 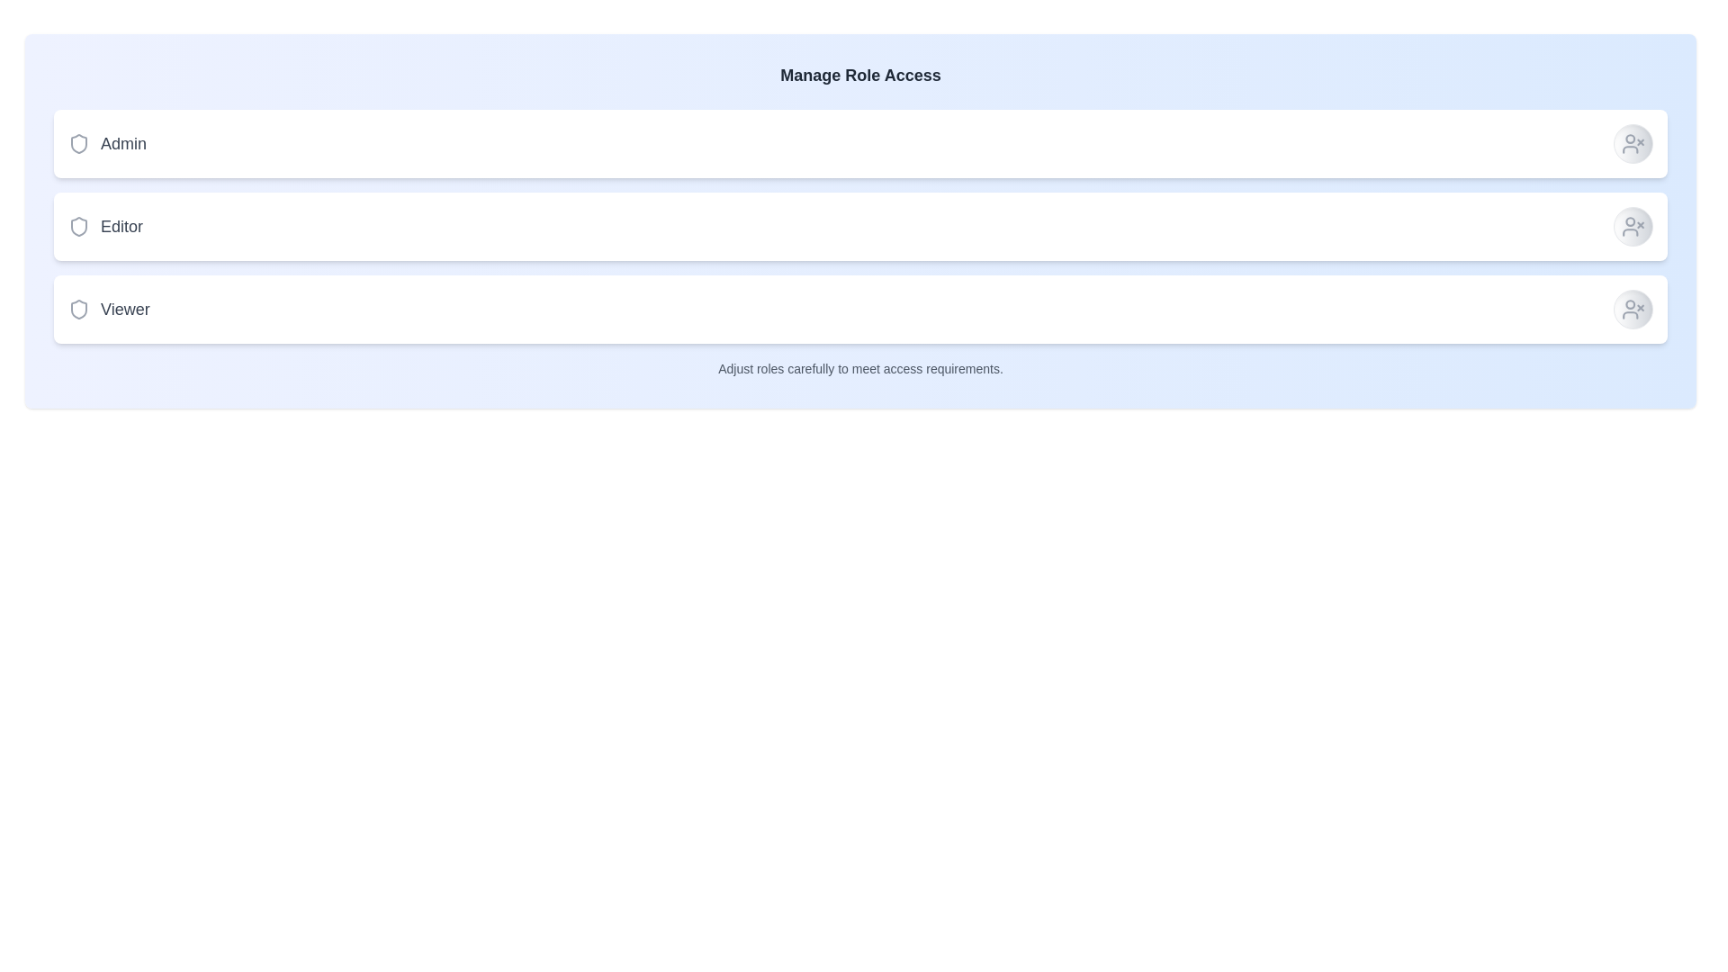 What do you see at coordinates (77, 225) in the screenshot?
I see `the Decorative icon that indicates a security-related scope for the 'Editor' role, positioned horizontally with the 'Editor' text as the shield icon associated with the second item` at bounding box center [77, 225].